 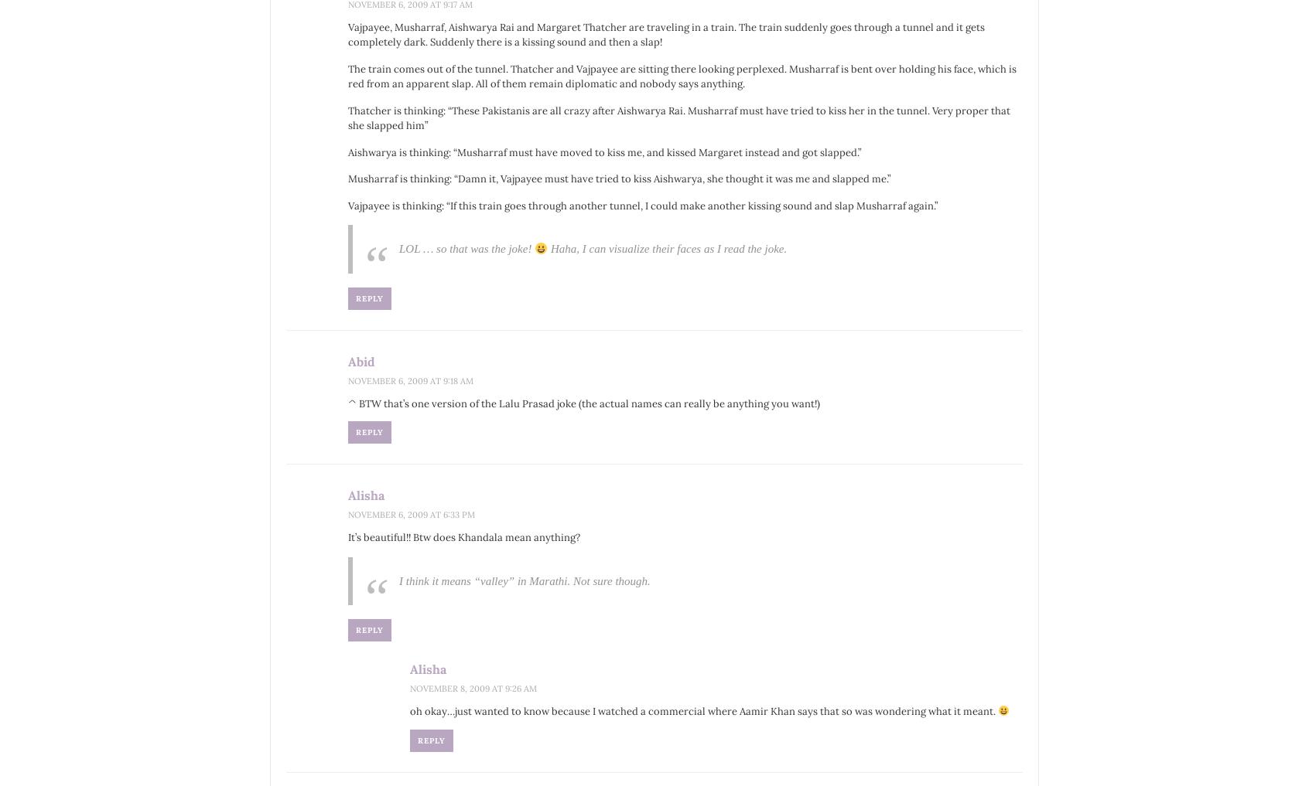 I want to click on 'Thatcher is thinking: “These Pakistanis are all crazy after Aishwarya Rai. Musharraf must have tried to kiss her in the tunnel. Very proper that she slapped him”', so click(x=678, y=117).